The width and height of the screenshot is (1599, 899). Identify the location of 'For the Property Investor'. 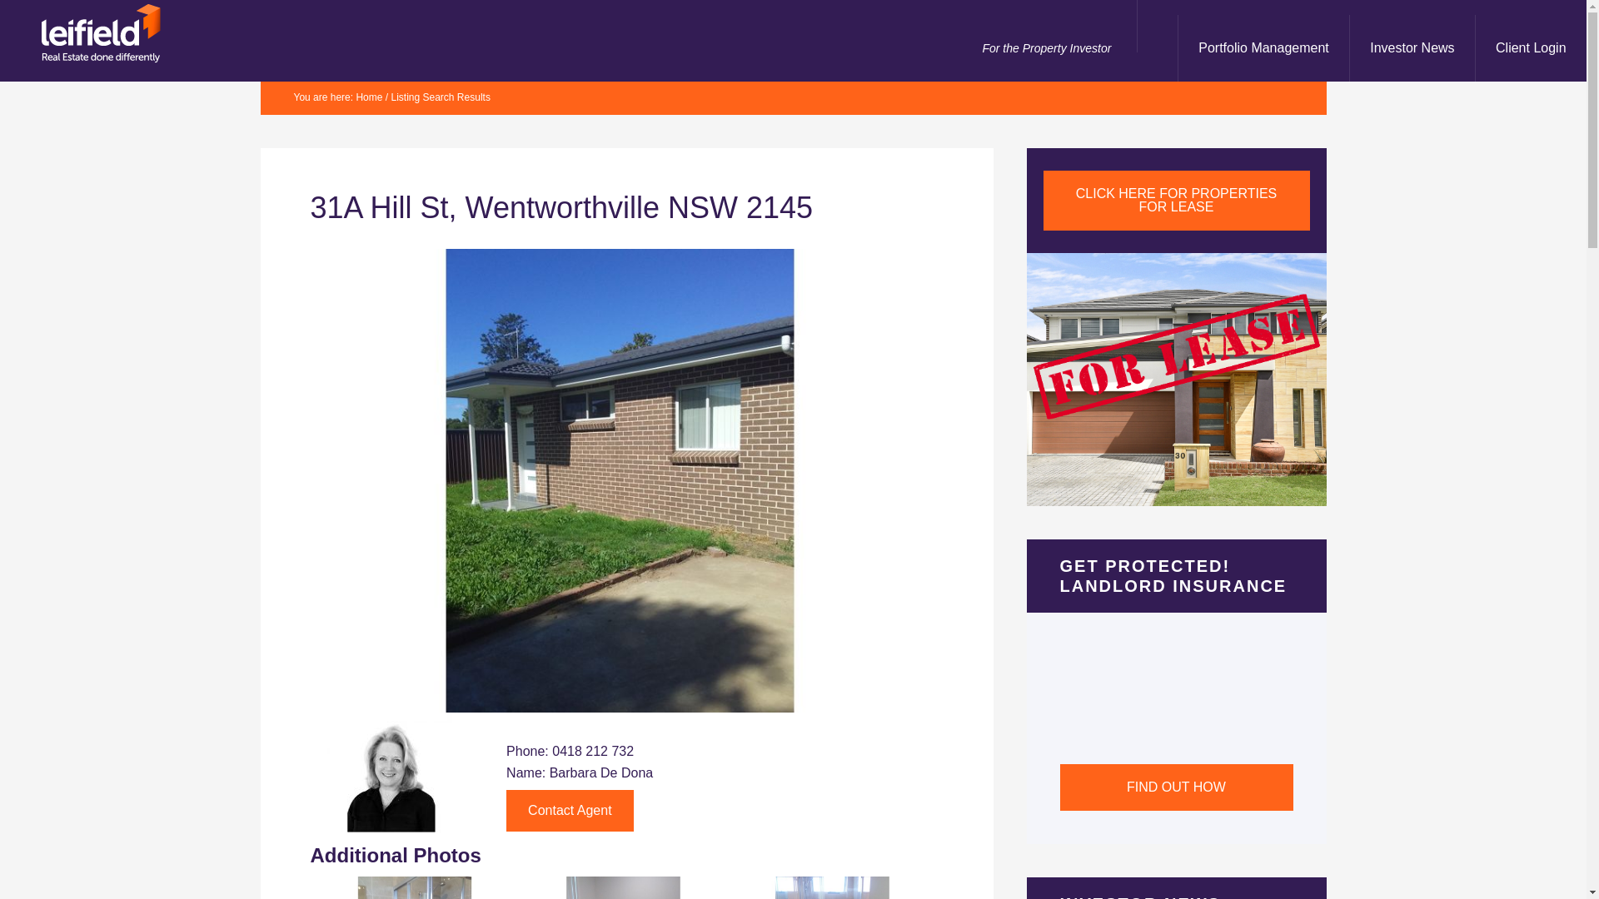
(956, 47).